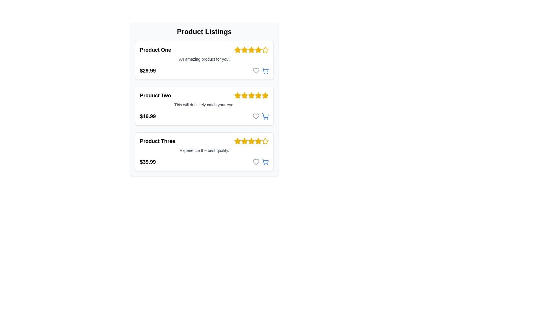 This screenshot has width=555, height=312. I want to click on the third star-shaped icon in the rating bar for 'Product Two', so click(251, 95).